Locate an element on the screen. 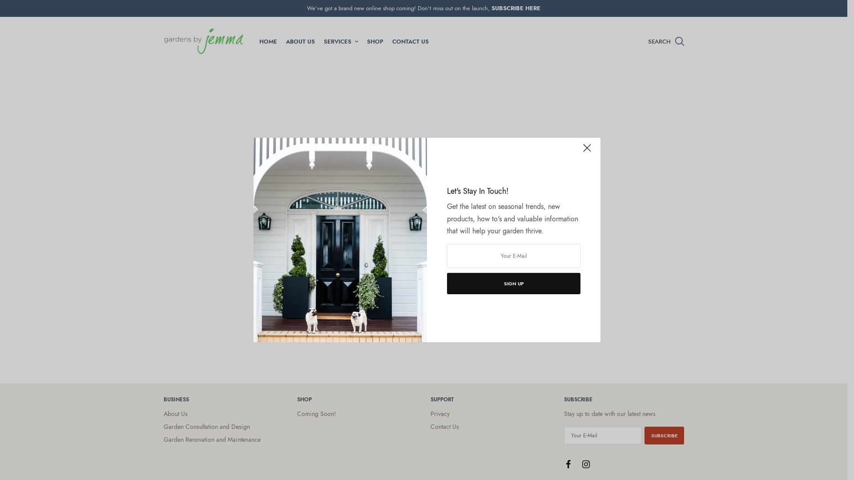 Image resolution: width=854 pixels, height=480 pixels. 'SUBSCRIBE' is located at coordinates (664, 435).